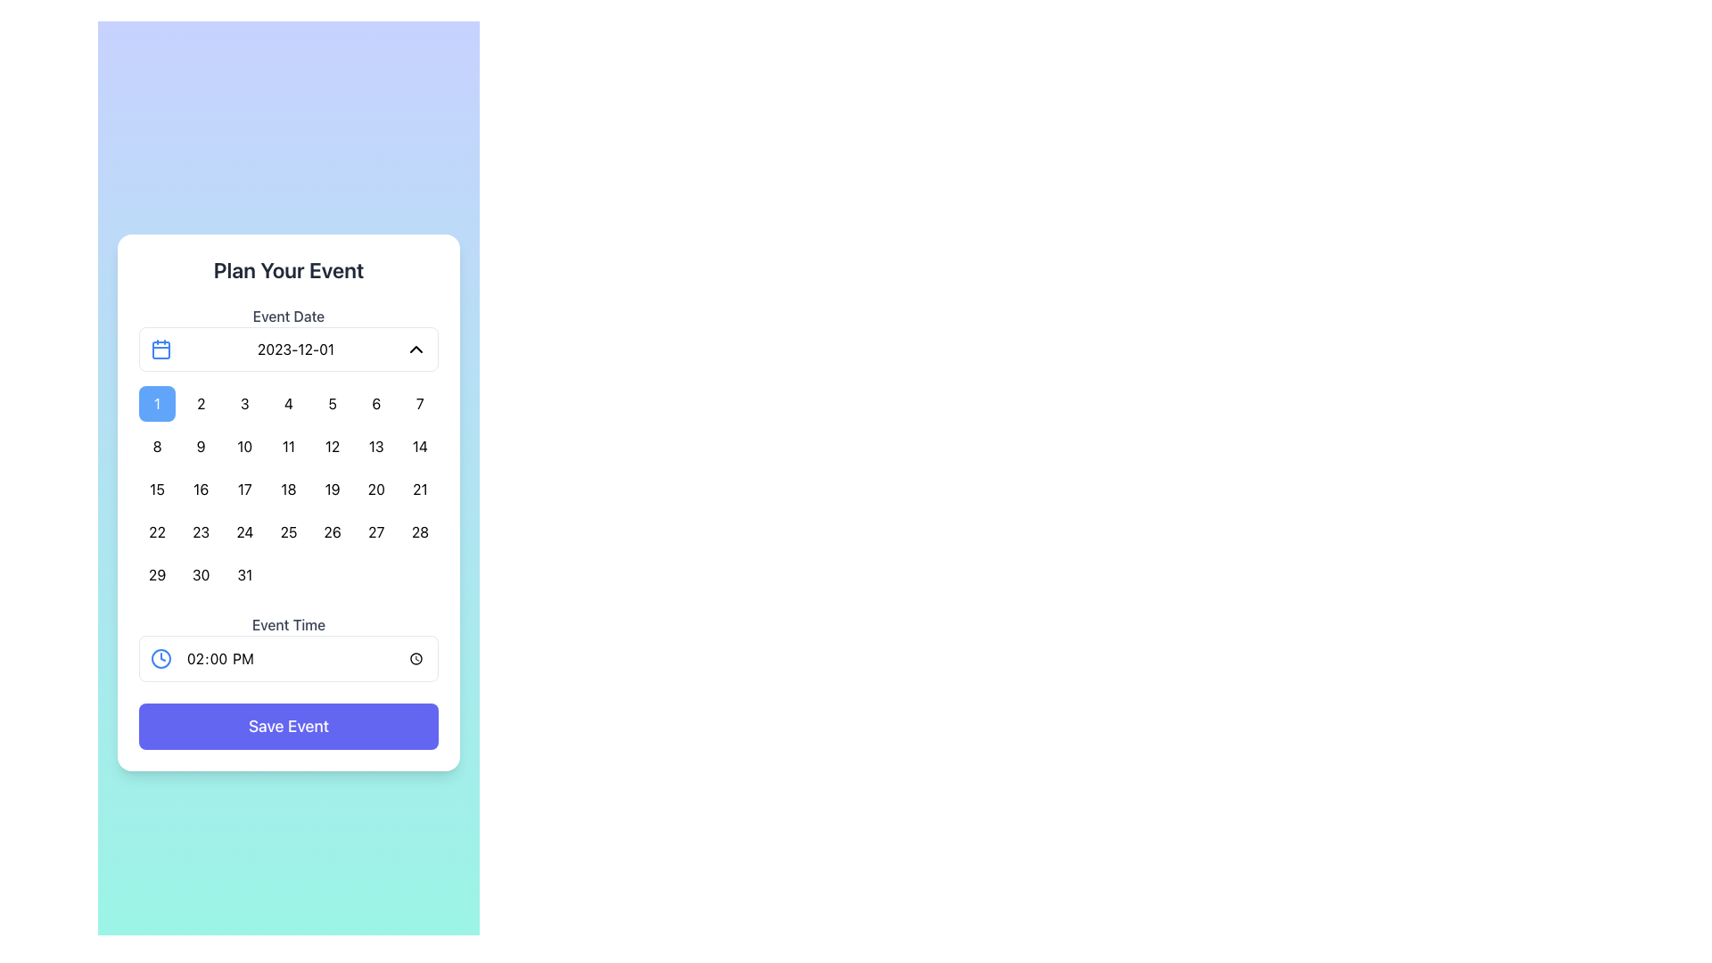 This screenshot has height=963, width=1712. What do you see at coordinates (157, 531) in the screenshot?
I see `the rectangular button labeled '22' in the calendar grid` at bounding box center [157, 531].